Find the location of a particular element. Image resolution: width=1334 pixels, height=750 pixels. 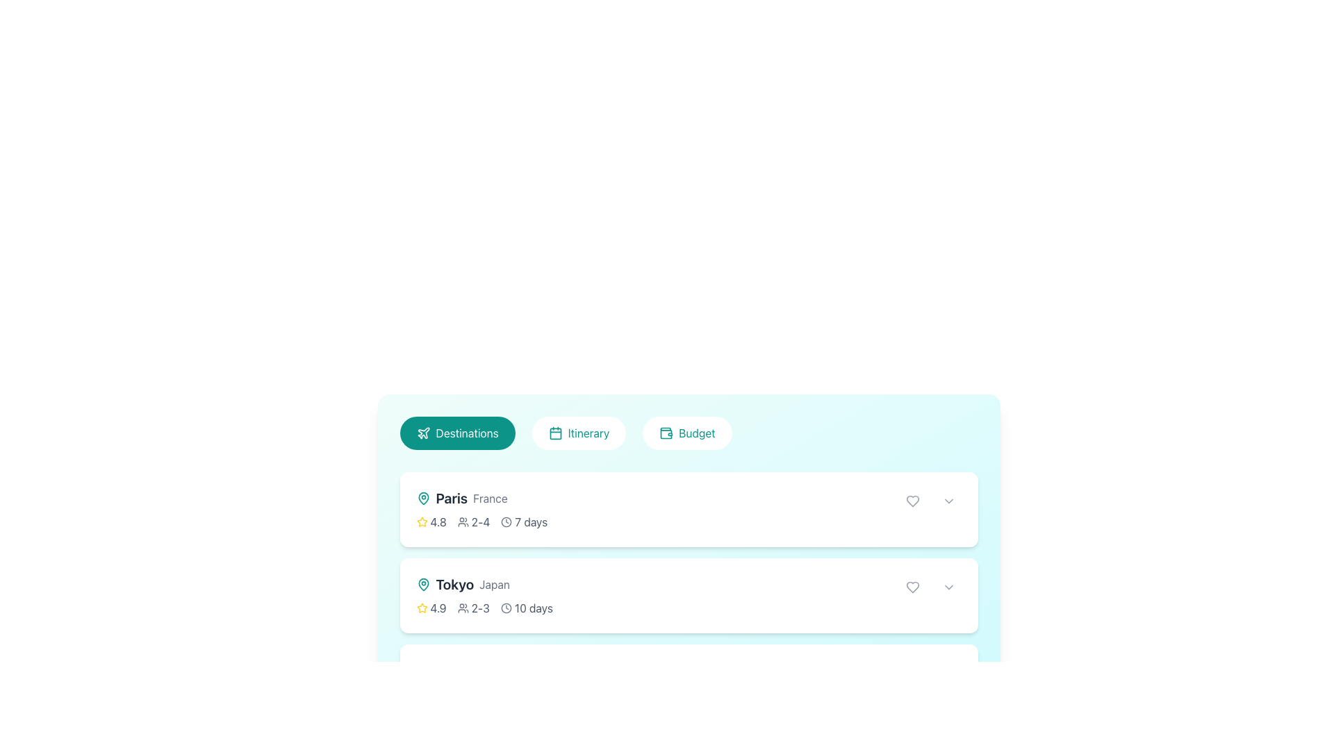

the graphical icon that symbolizes travel, located within the 'Destinations' tab in the navigation bar is located at coordinates (422, 432).